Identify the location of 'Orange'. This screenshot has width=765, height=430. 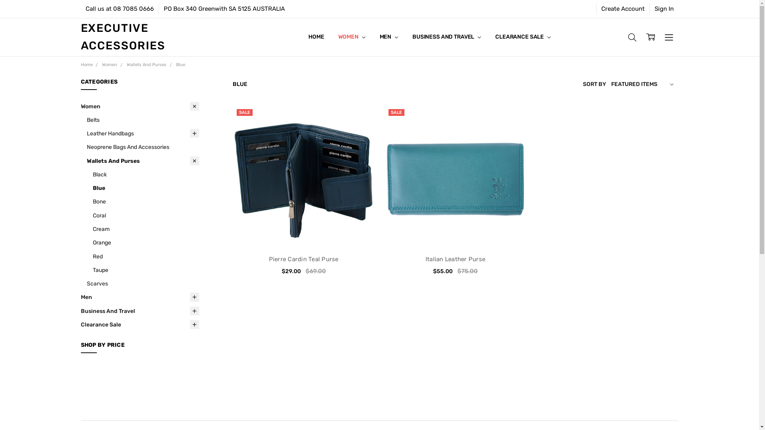
(145, 242).